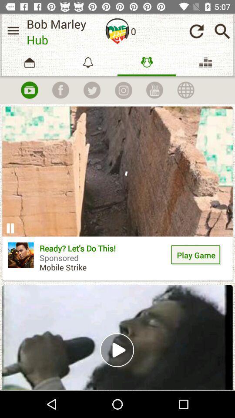 The image size is (235, 418). What do you see at coordinates (91, 90) in the screenshot?
I see `visit on twitter` at bounding box center [91, 90].